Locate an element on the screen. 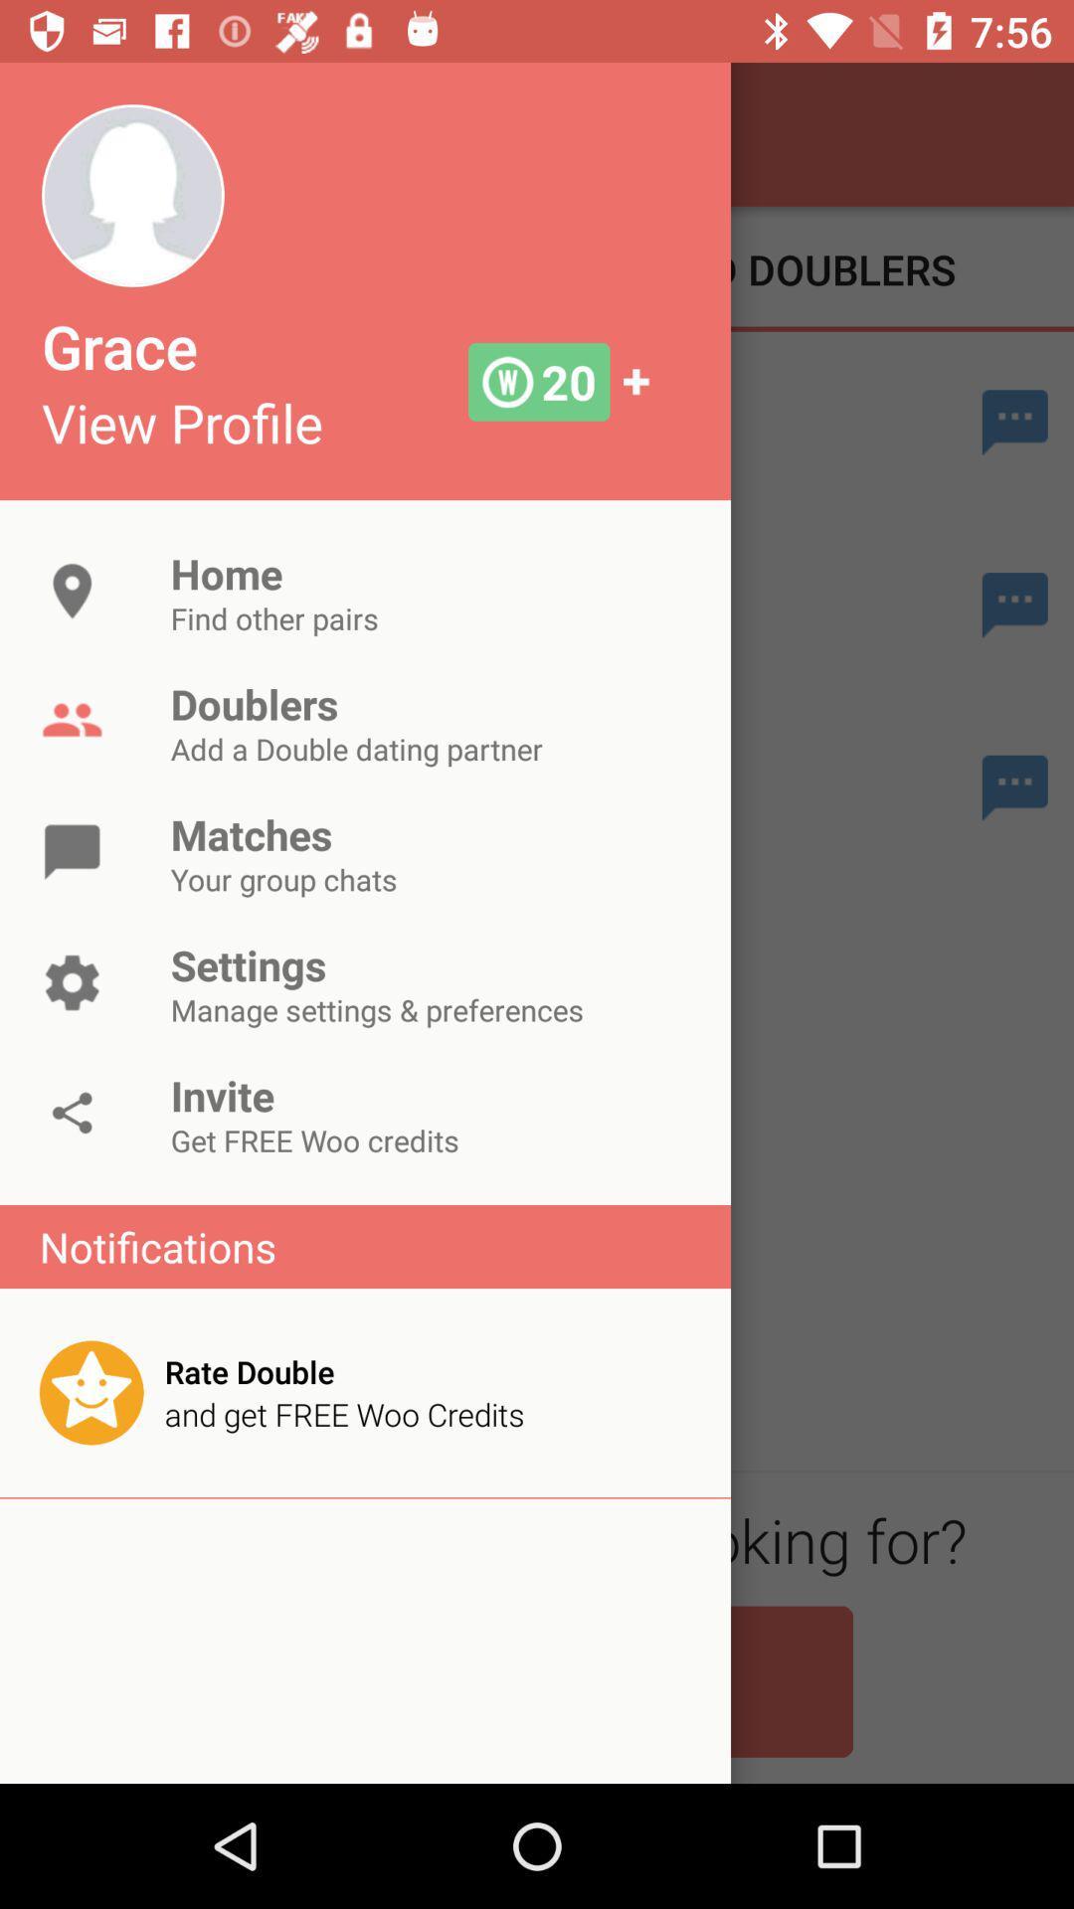 This screenshot has width=1074, height=1909. icon left to matches is located at coordinates (72, 852).